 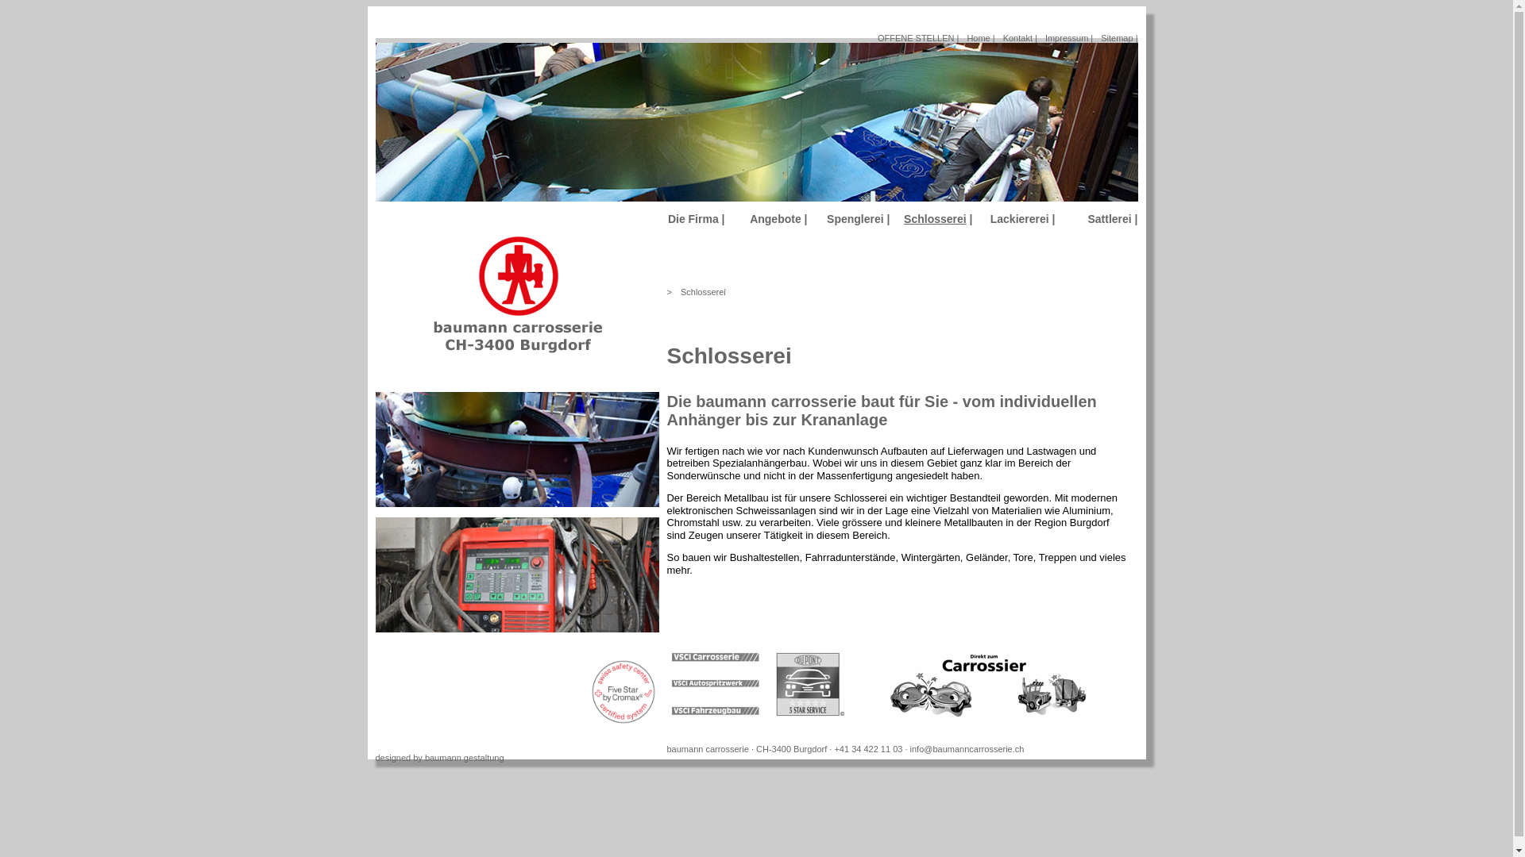 What do you see at coordinates (1108, 219) in the screenshot?
I see `'Sattlerei'` at bounding box center [1108, 219].